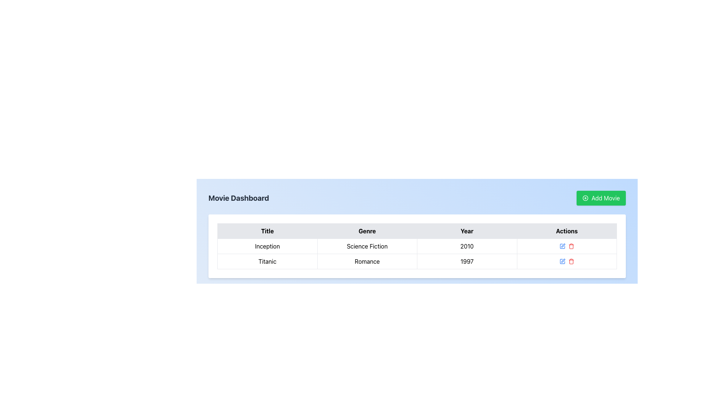  Describe the element at coordinates (238, 198) in the screenshot. I see `the 'Movie Dashboard' text label that serves as a header, displayed in bold and dark gray color` at that location.